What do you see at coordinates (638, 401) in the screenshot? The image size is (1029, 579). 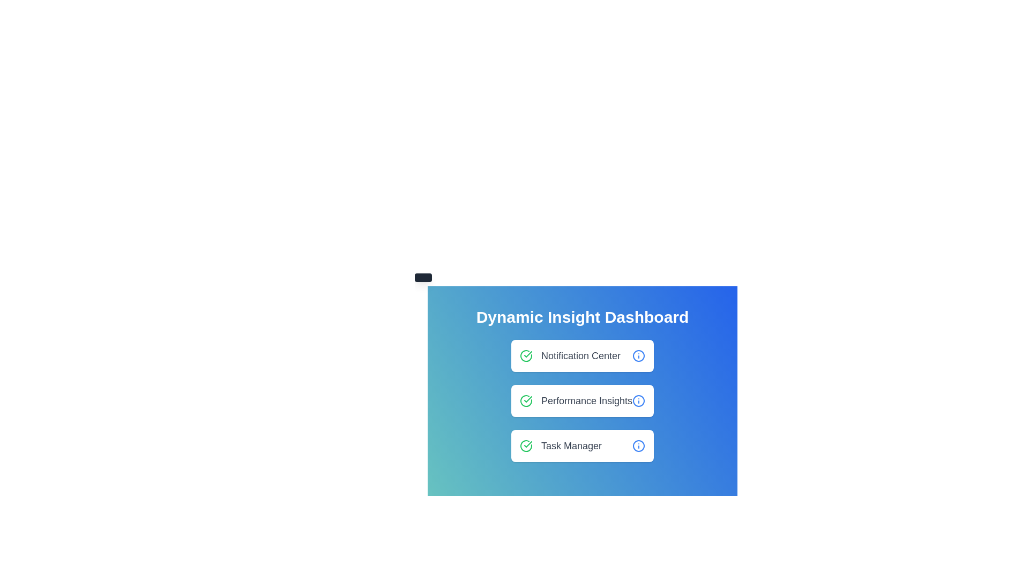 I see `the circular icon associated with the 'Performance Insights' label, located in the middle row of the blue-themed UI, to the right of the text` at bounding box center [638, 401].